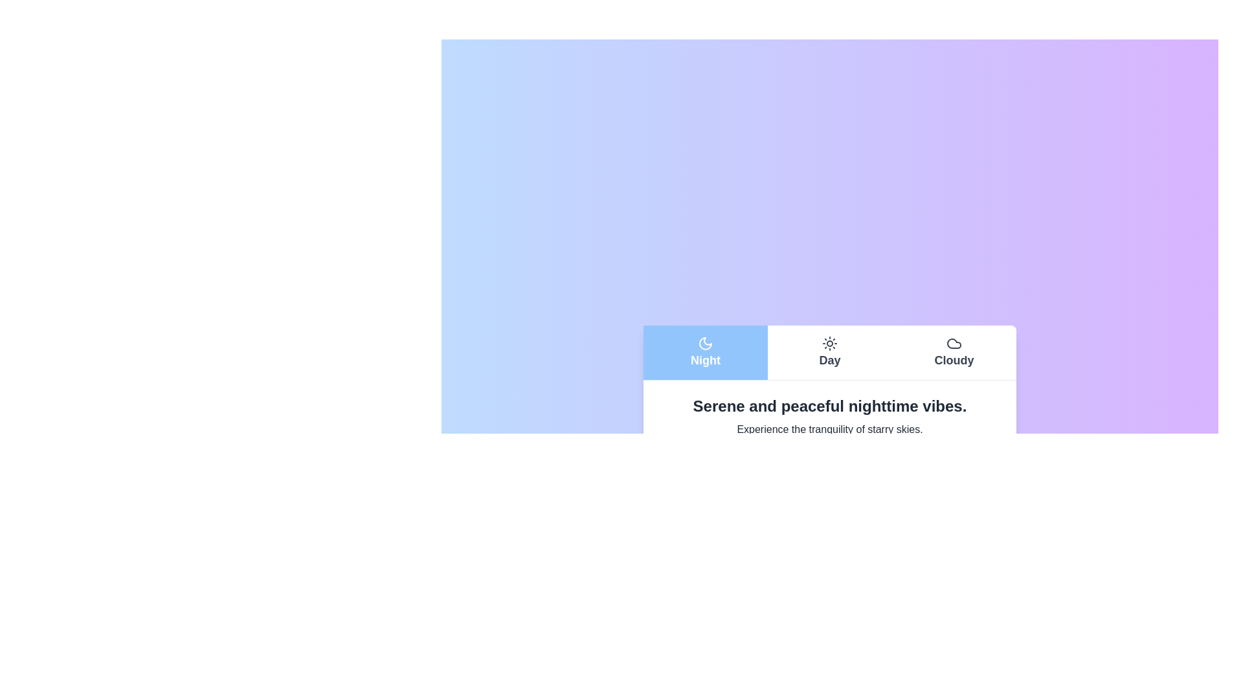 Image resolution: width=1243 pixels, height=699 pixels. I want to click on the Night tab by clicking on it, so click(704, 352).